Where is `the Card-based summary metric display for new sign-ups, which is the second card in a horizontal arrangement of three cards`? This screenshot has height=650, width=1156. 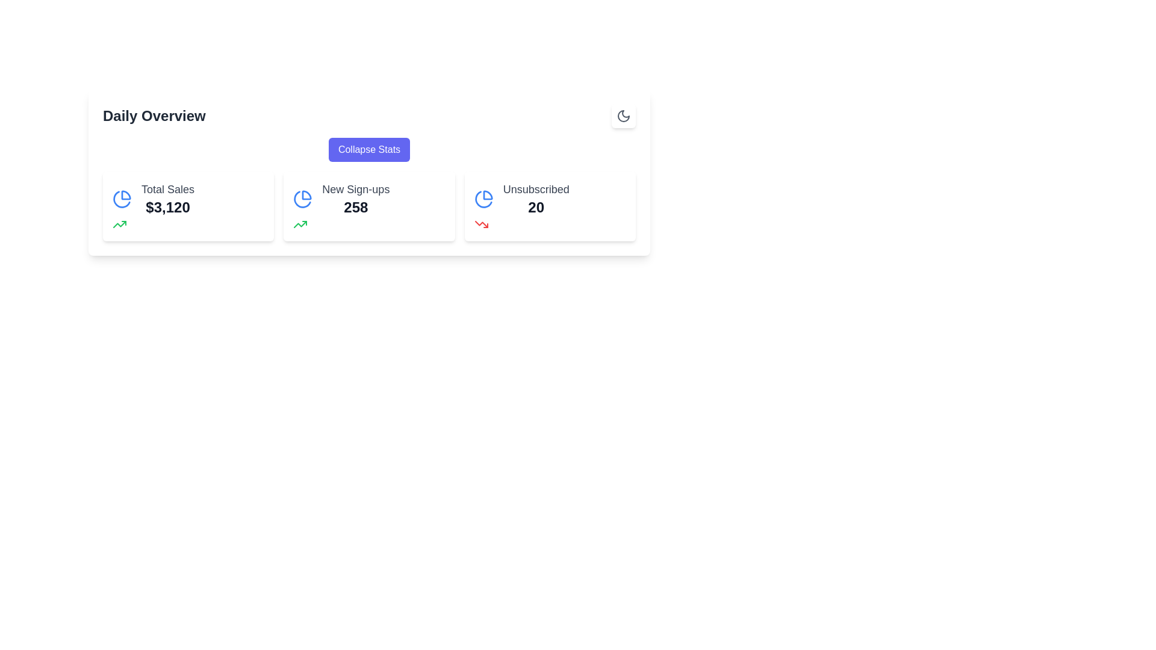 the Card-based summary metric display for new sign-ups, which is the second card in a horizontal arrangement of three cards is located at coordinates (368, 206).